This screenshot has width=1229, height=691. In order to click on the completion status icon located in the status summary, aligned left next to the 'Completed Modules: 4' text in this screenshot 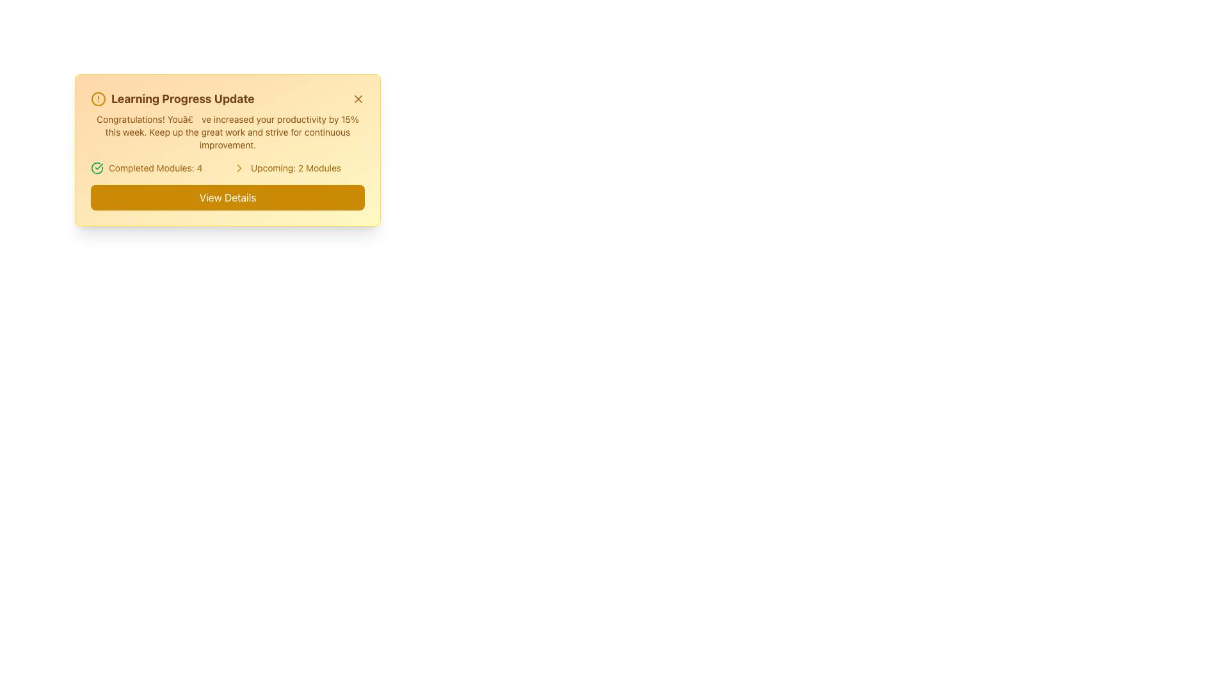, I will do `click(97, 167)`.